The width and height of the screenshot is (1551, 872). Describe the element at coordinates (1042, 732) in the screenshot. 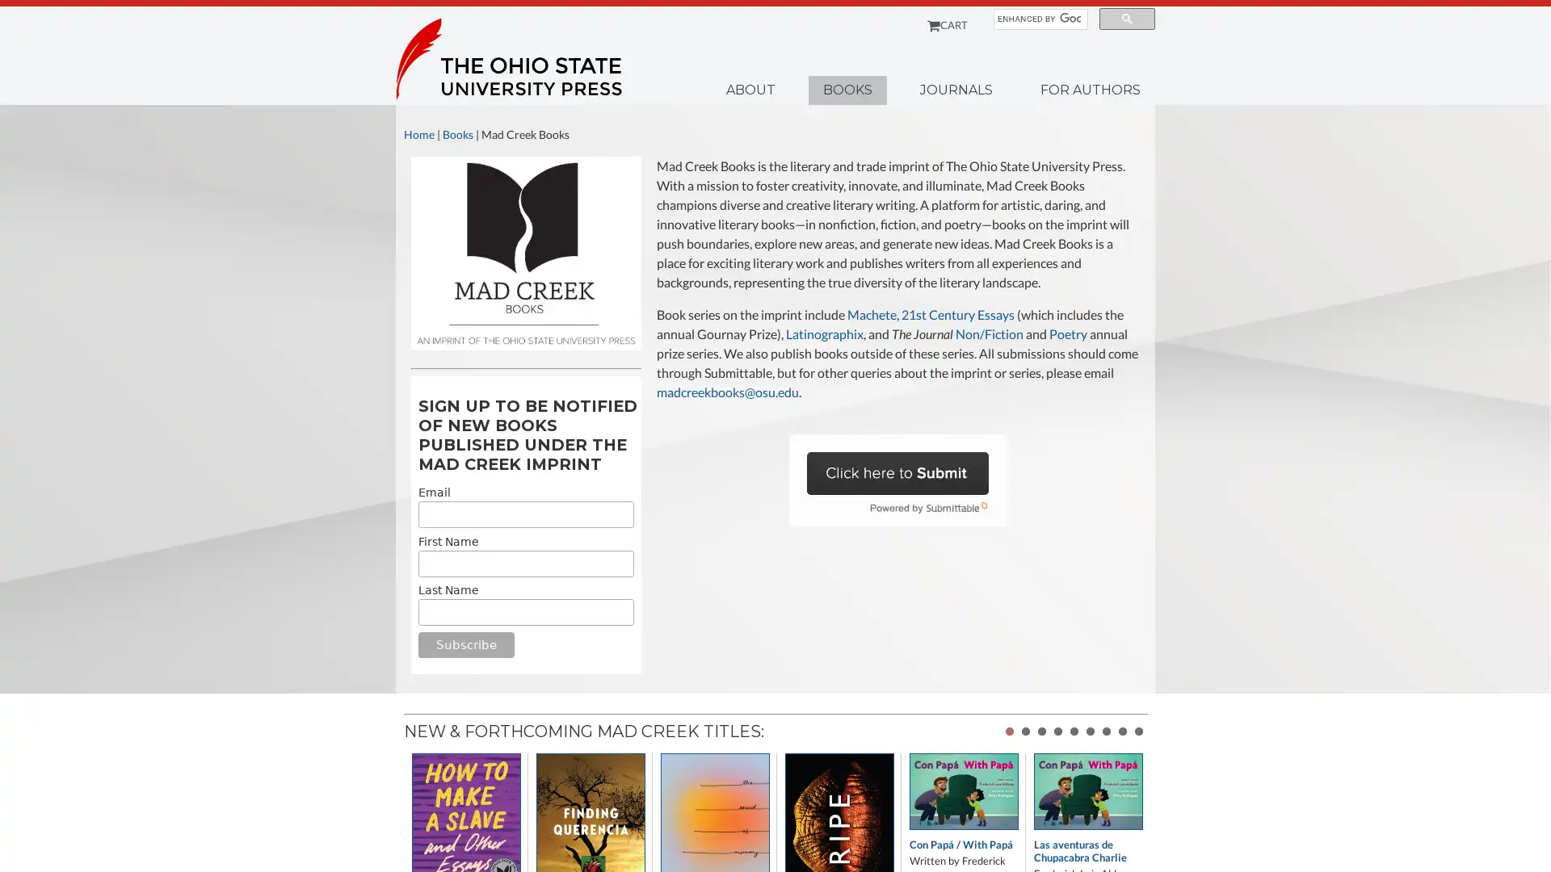

I see `3` at that location.